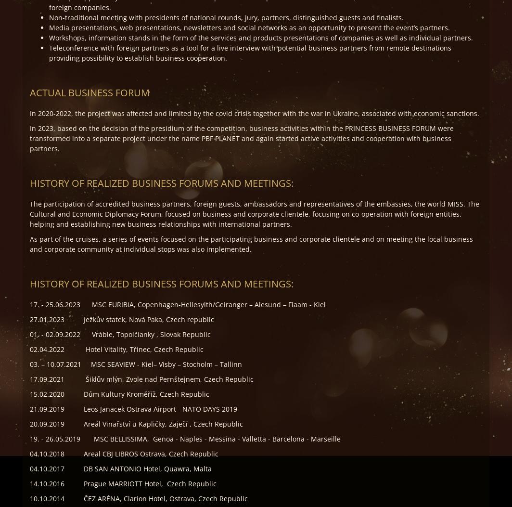  I want to click on '27.01,2023          Ježkův statek, Nová Paka, Czech republic', so click(123, 319).